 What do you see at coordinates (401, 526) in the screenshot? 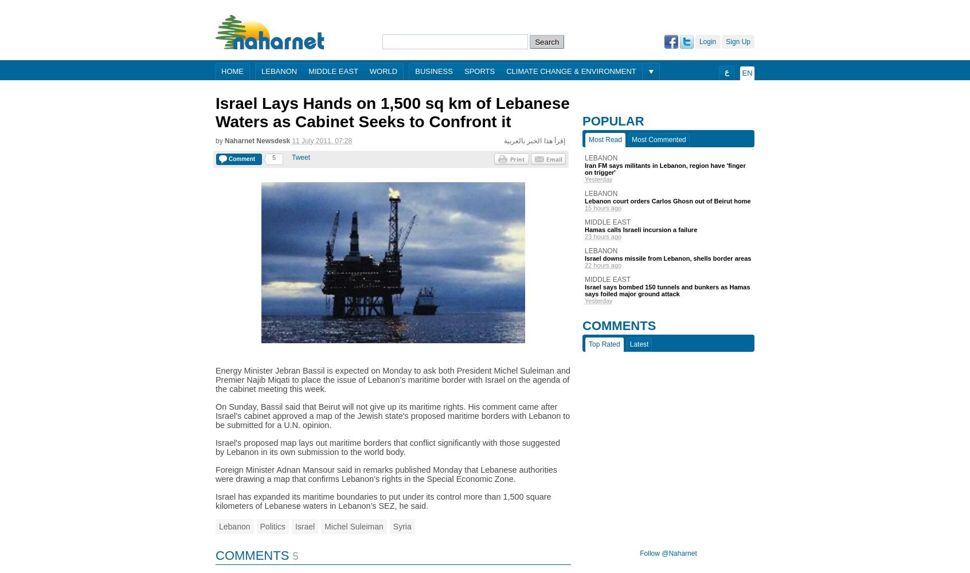
I see `'Syria'` at bounding box center [401, 526].